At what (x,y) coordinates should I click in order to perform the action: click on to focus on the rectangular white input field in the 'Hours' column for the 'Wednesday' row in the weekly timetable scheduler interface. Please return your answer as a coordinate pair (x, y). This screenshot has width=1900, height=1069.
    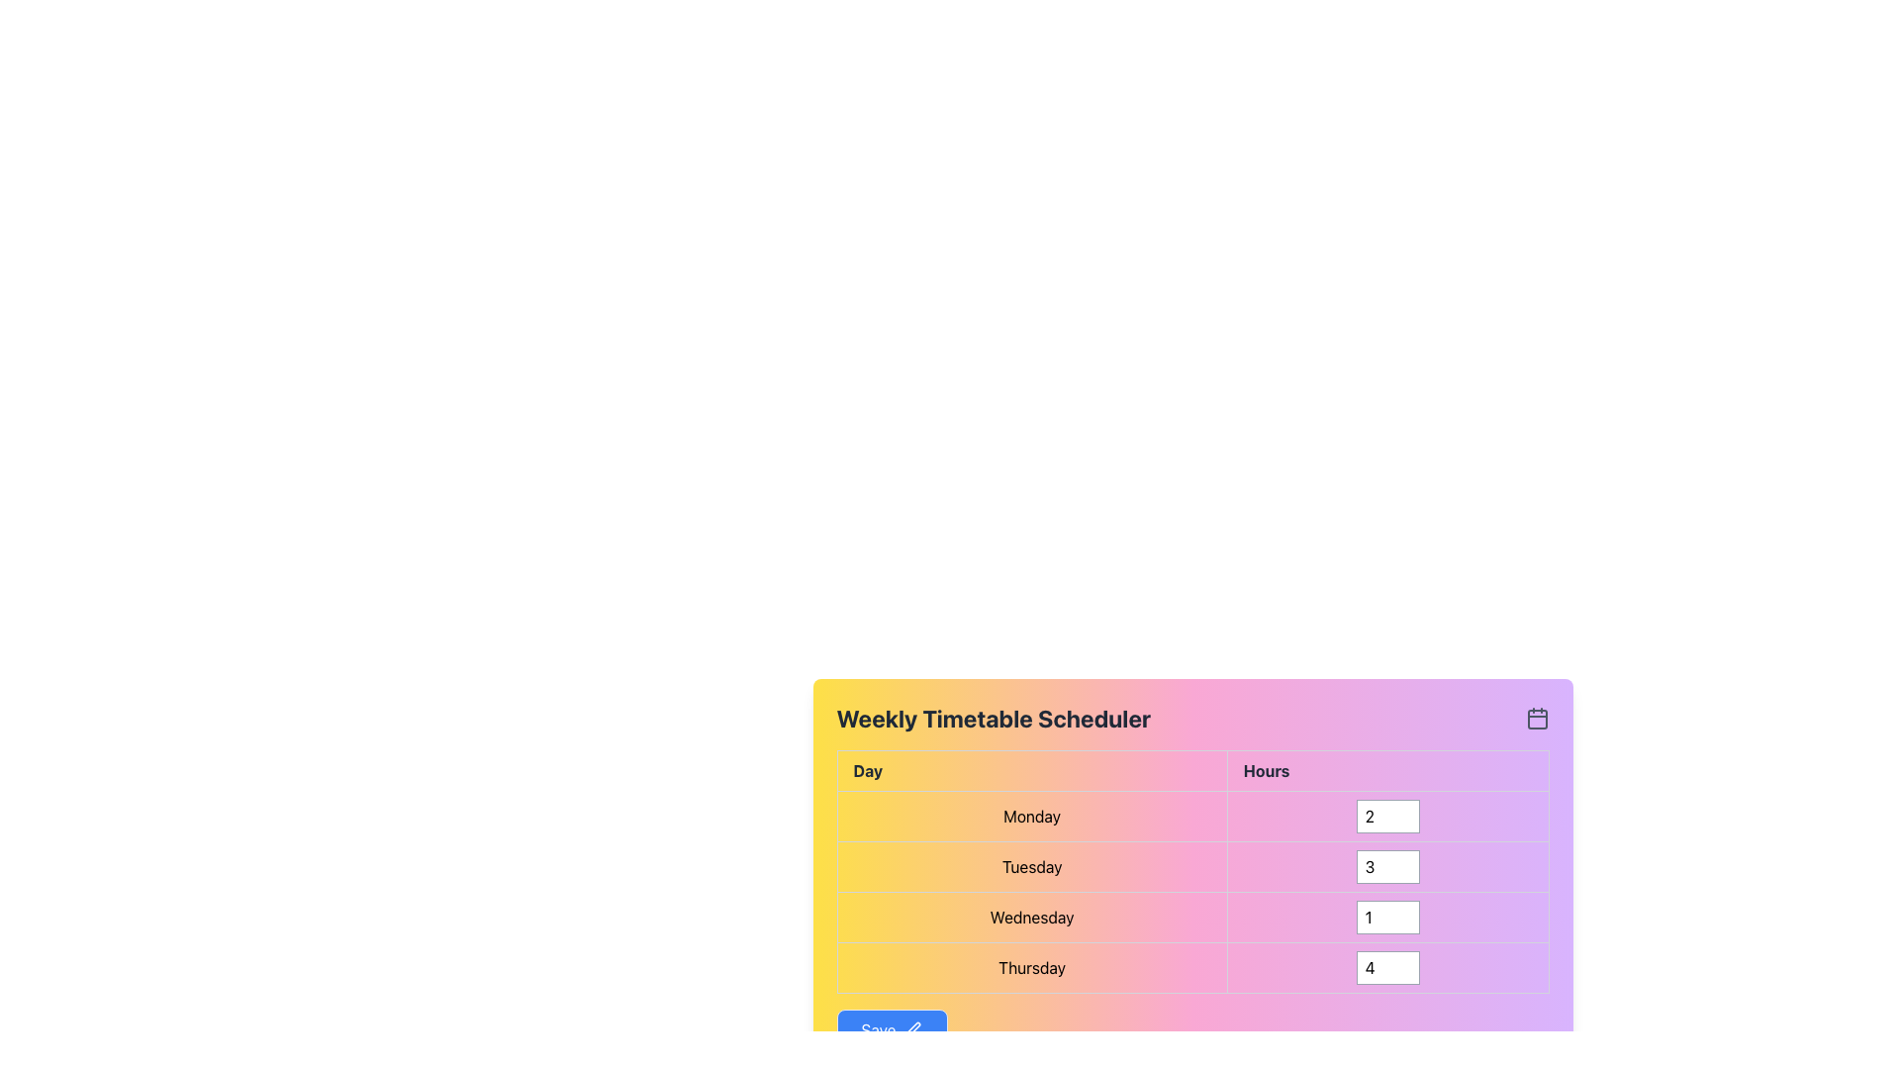
    Looking at the image, I should click on (1385, 917).